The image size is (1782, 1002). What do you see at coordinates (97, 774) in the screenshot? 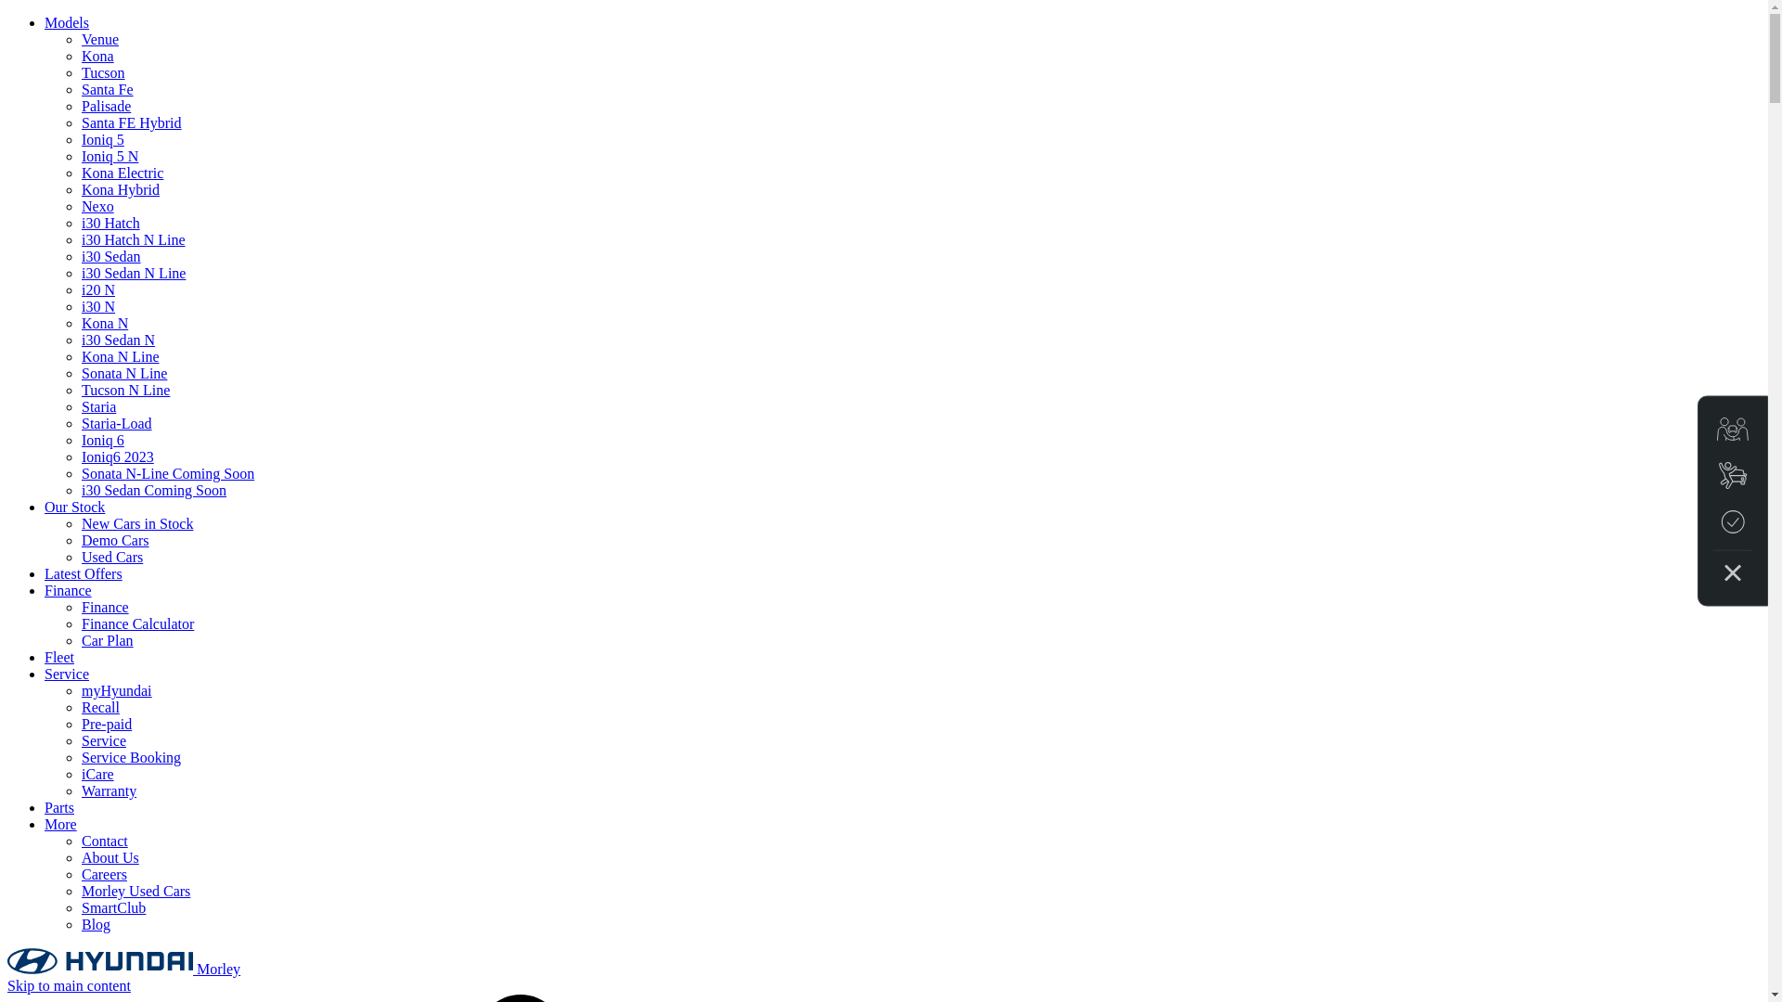
I see `'iCare'` at bounding box center [97, 774].